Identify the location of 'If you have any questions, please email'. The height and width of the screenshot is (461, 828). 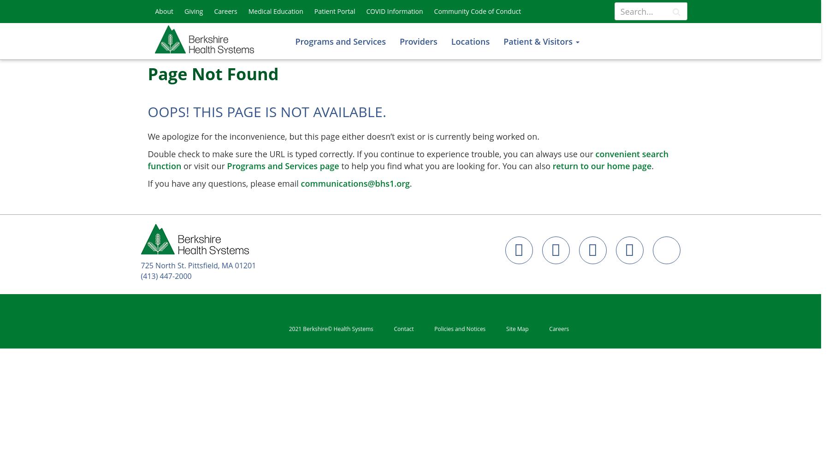
(223, 183).